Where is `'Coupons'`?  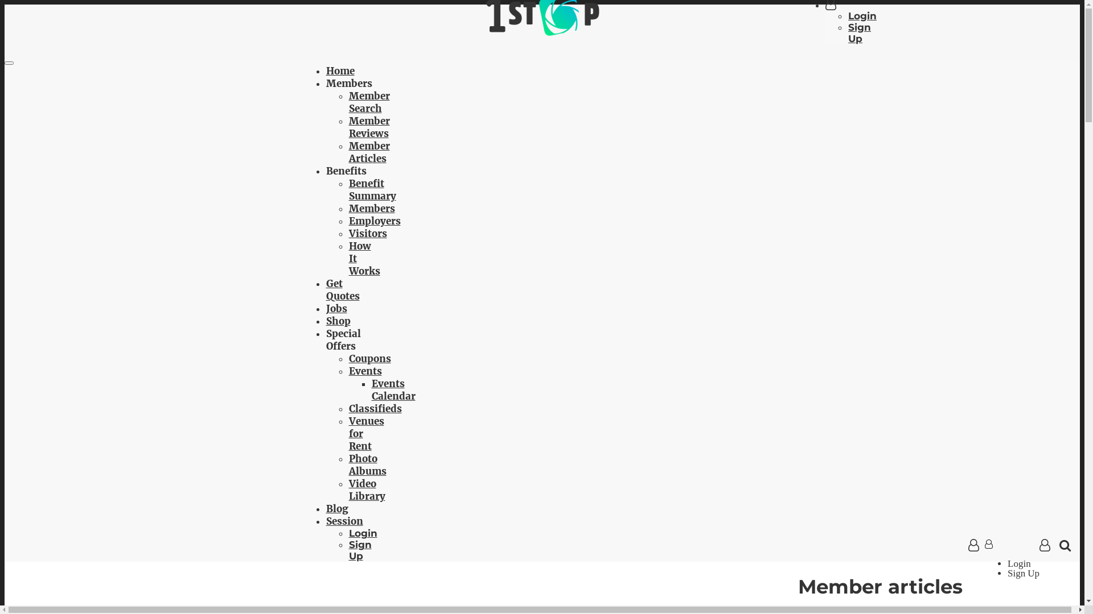 'Coupons' is located at coordinates (369, 359).